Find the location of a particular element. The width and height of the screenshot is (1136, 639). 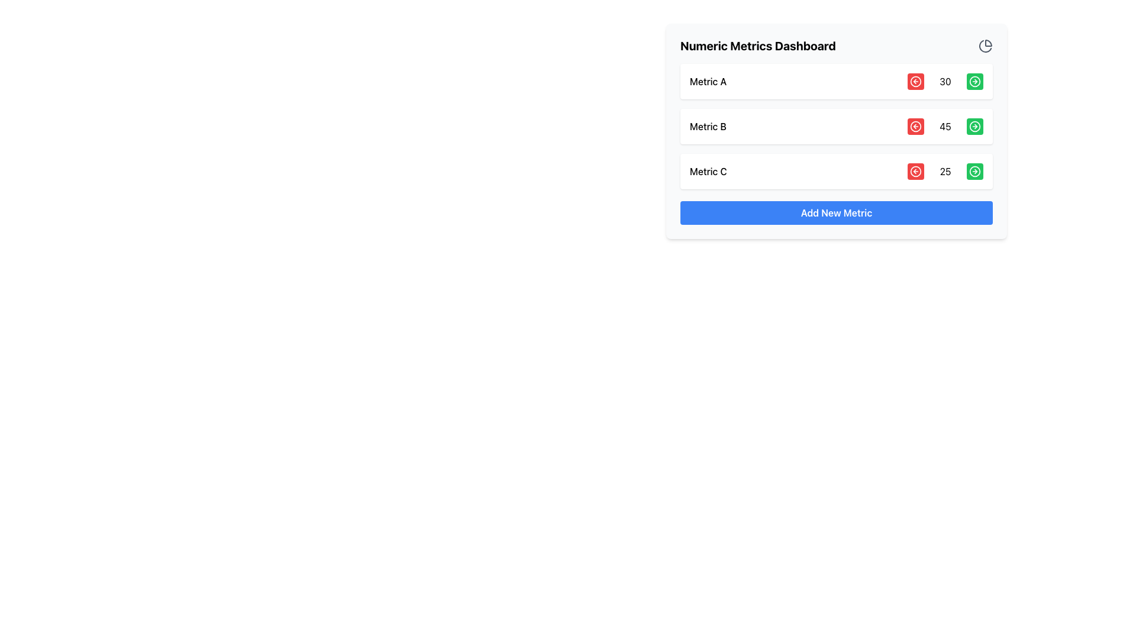

the numeric value '30' displayed in the Text Label, which is part of the 'Metric A' row in the dashboard is located at coordinates (945, 81).